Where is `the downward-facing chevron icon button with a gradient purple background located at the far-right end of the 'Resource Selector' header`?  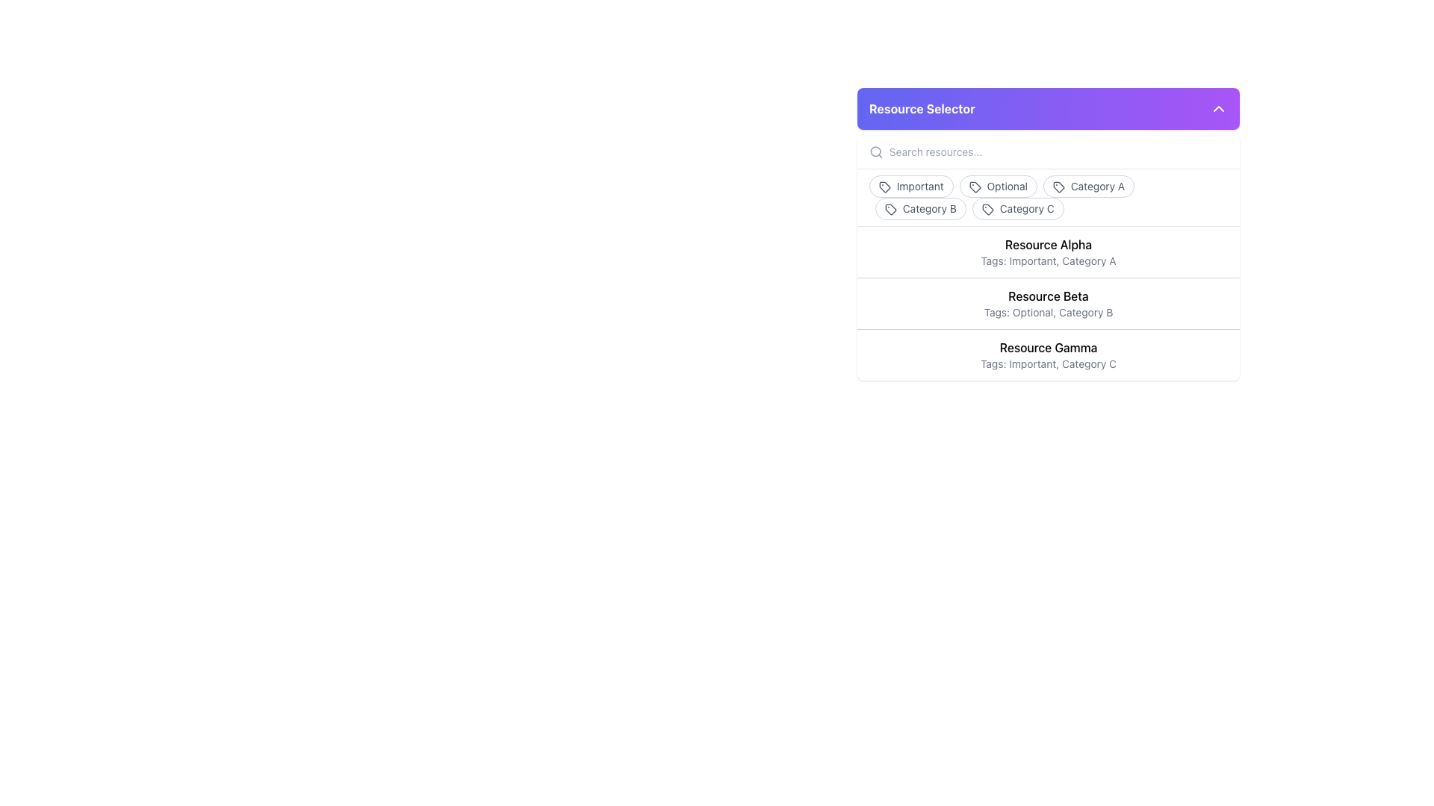 the downward-facing chevron icon button with a gradient purple background located at the far-right end of the 'Resource Selector' header is located at coordinates (1219, 108).